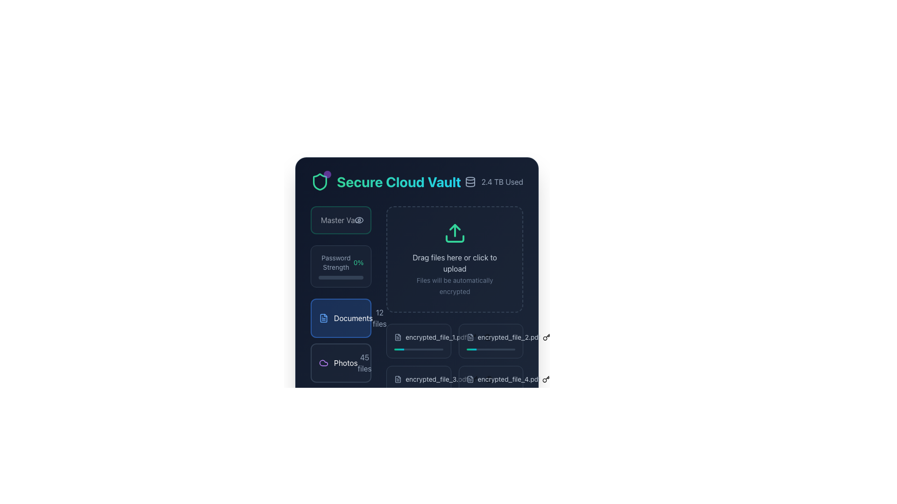 The height and width of the screenshot is (504, 897). I want to click on the eye-shaped icon that toggles the visibility of the password in the 'Master Vault Password' input field, so click(359, 220).